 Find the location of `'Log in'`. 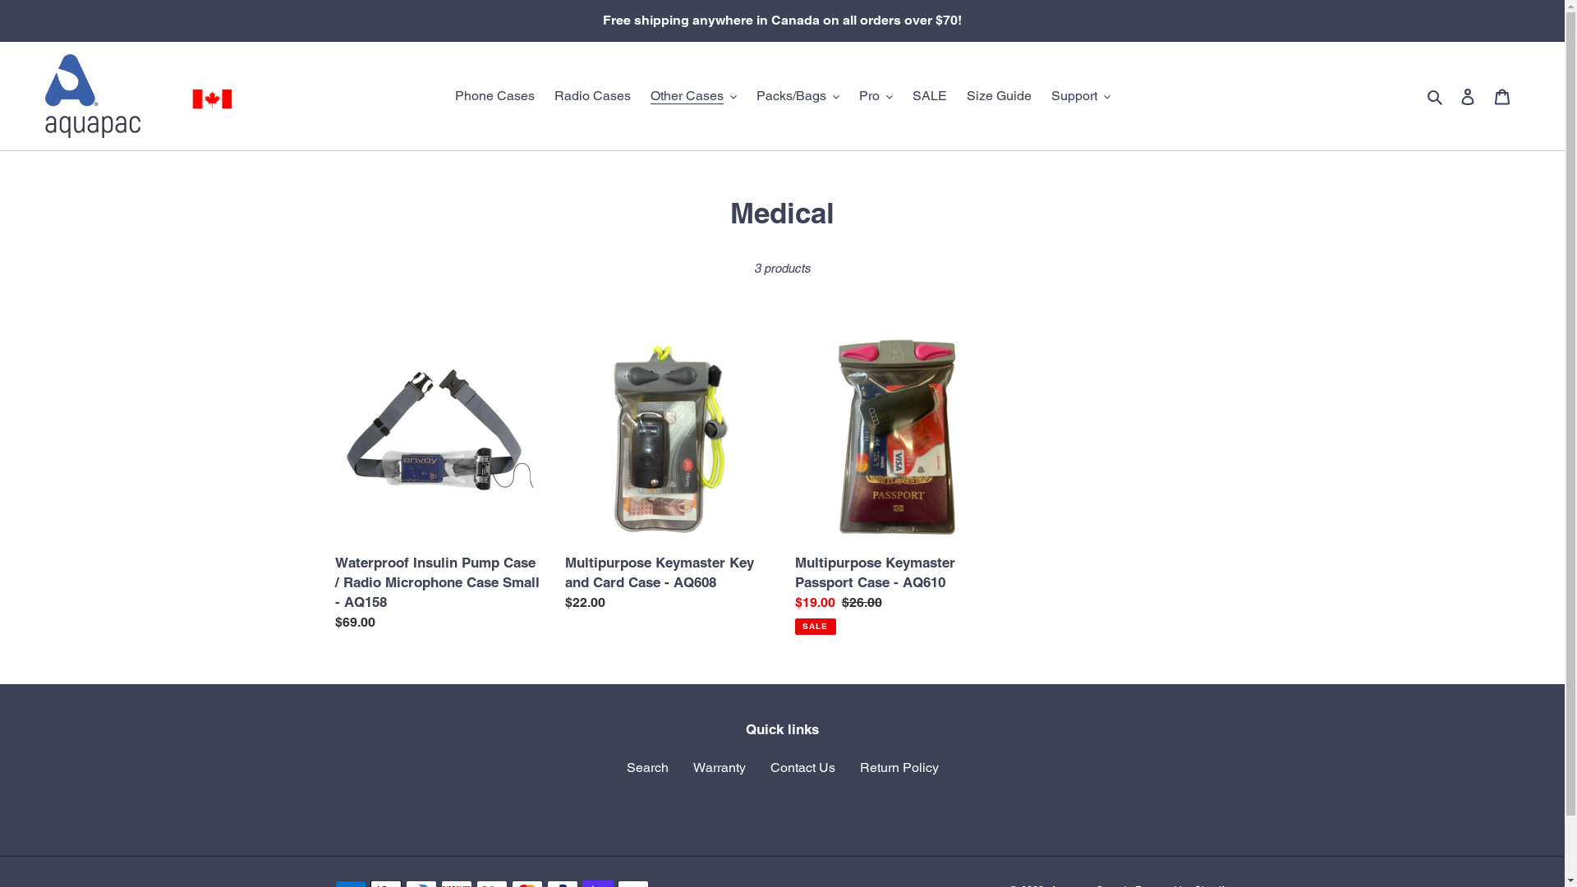

'Log in' is located at coordinates (1467, 95).